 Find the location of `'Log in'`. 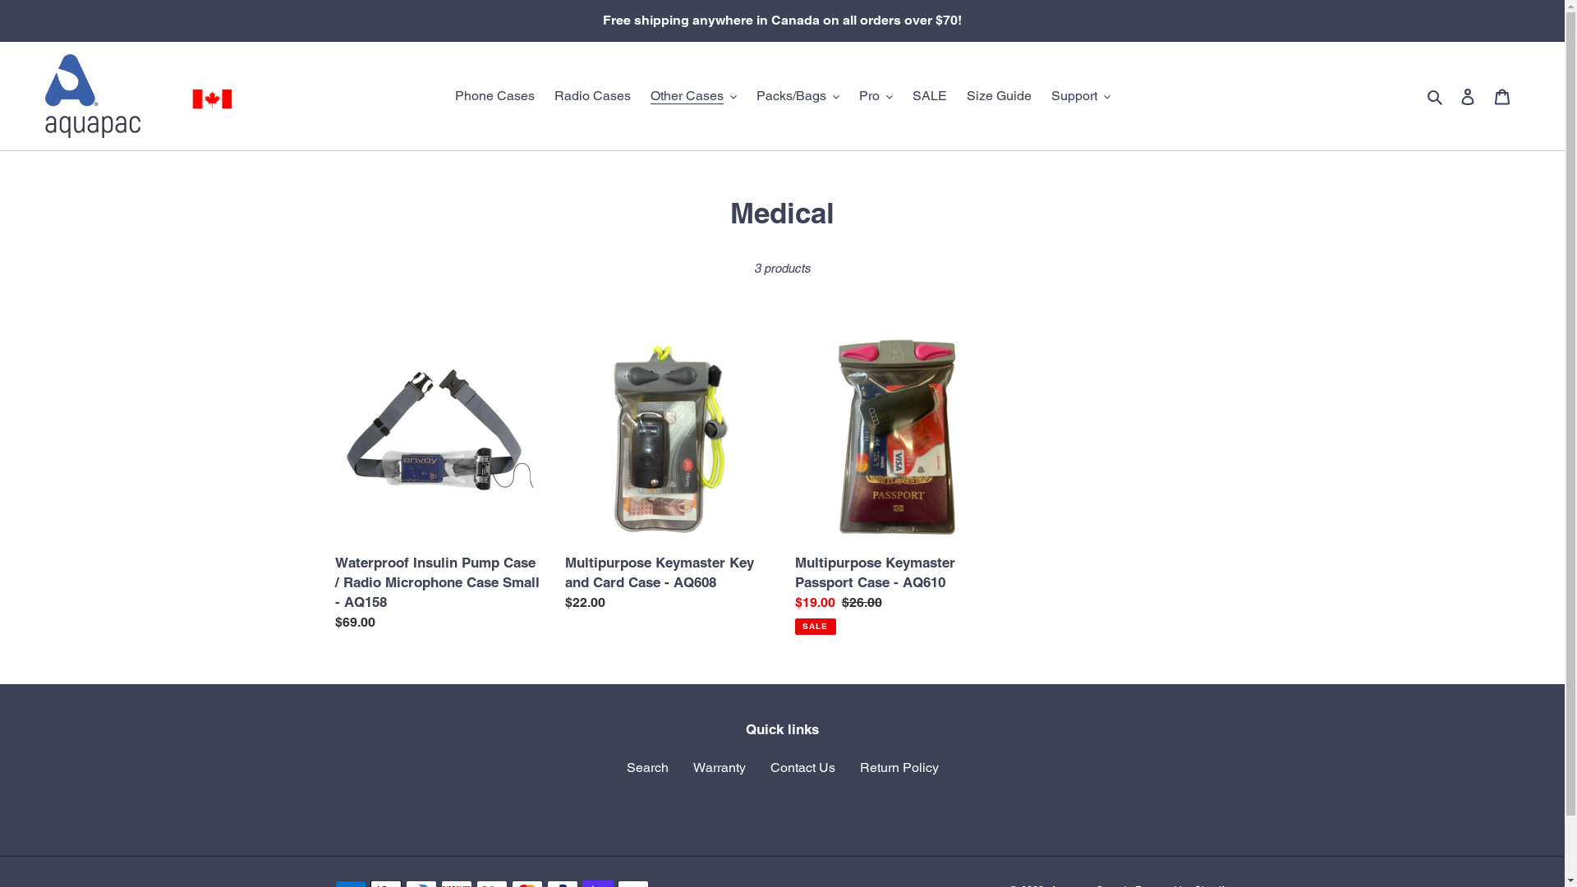

'Log in' is located at coordinates (1467, 95).